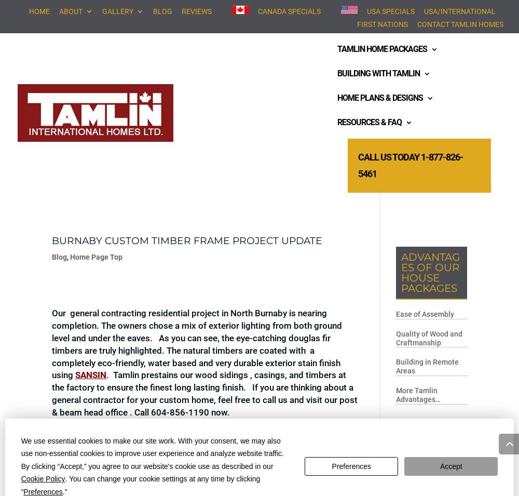 The height and width of the screenshot is (496, 519). What do you see at coordinates (427, 366) in the screenshot?
I see `'Building in Remote Areas'` at bounding box center [427, 366].